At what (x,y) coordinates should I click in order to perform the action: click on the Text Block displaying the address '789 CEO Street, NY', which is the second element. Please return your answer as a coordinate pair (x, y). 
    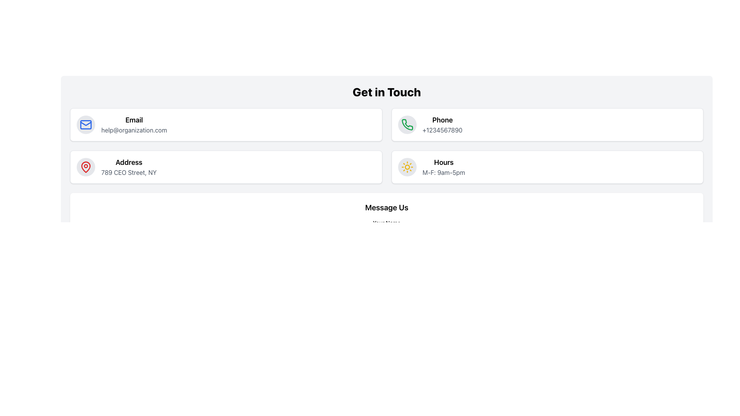
    Looking at the image, I should click on (129, 167).